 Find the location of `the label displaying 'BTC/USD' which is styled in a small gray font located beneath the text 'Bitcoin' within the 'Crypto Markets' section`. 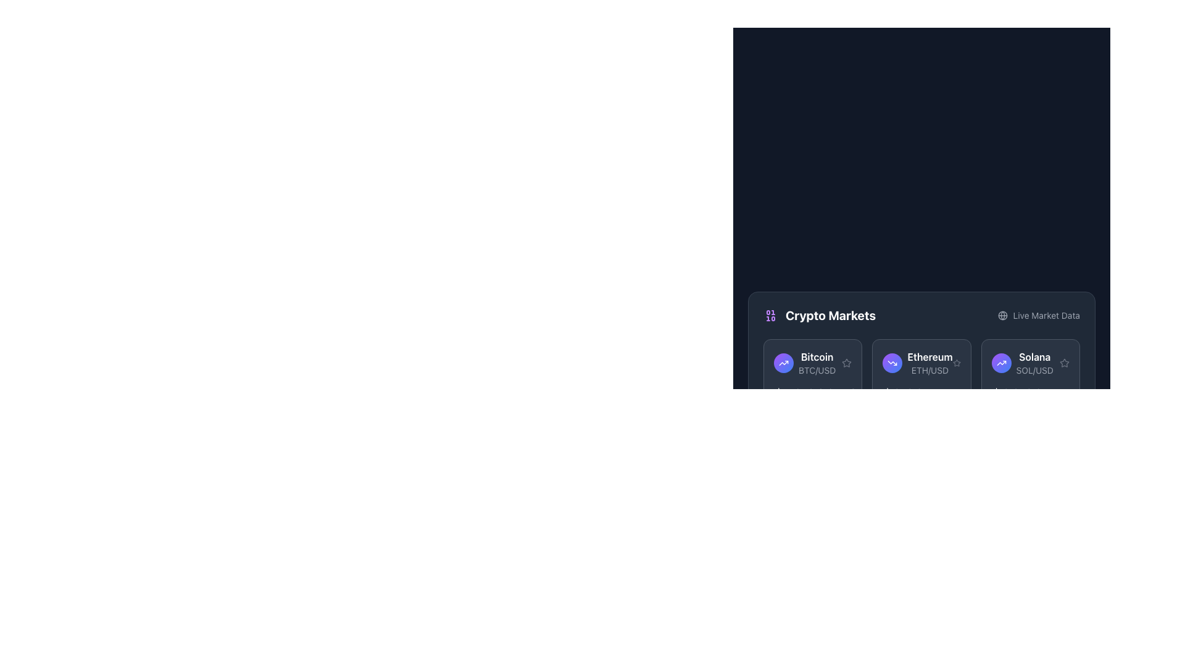

the label displaying 'BTC/USD' which is styled in a small gray font located beneath the text 'Bitcoin' within the 'Crypto Markets' section is located at coordinates (817, 370).